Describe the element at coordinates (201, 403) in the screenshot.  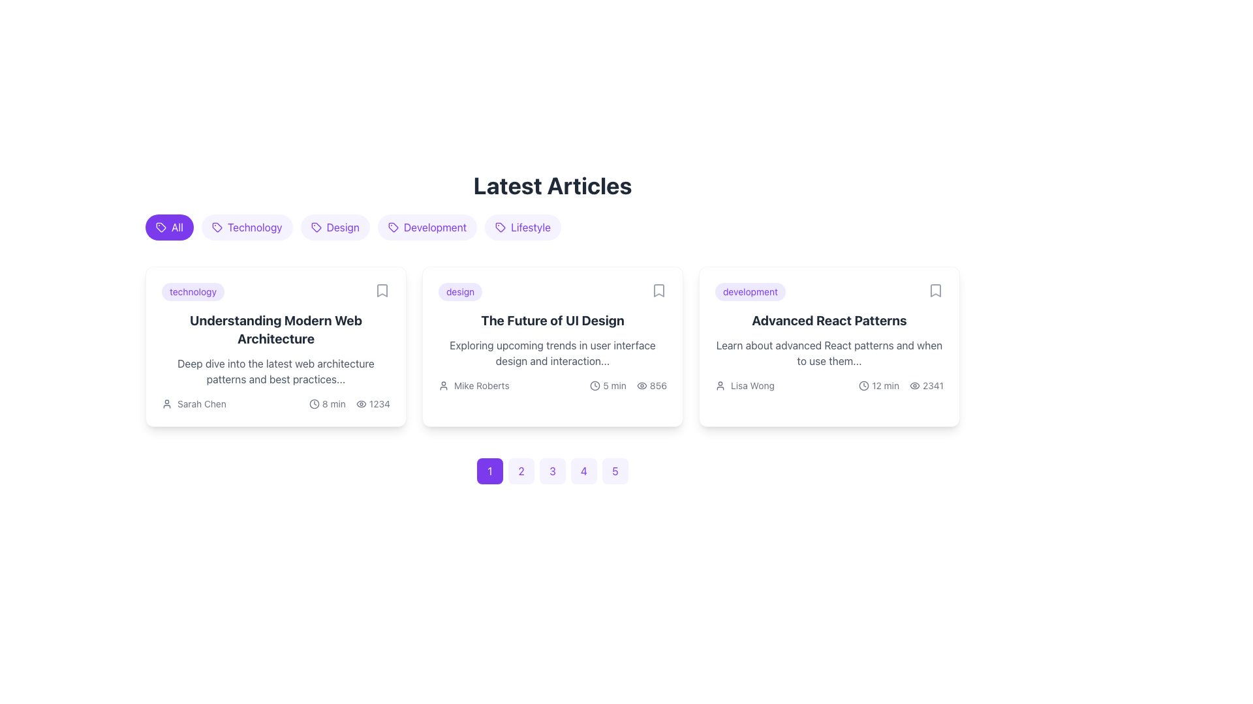
I see `the label identifying the author of the associated article located at the bottom-left part of the first card in a horizontal layout of articles` at that location.